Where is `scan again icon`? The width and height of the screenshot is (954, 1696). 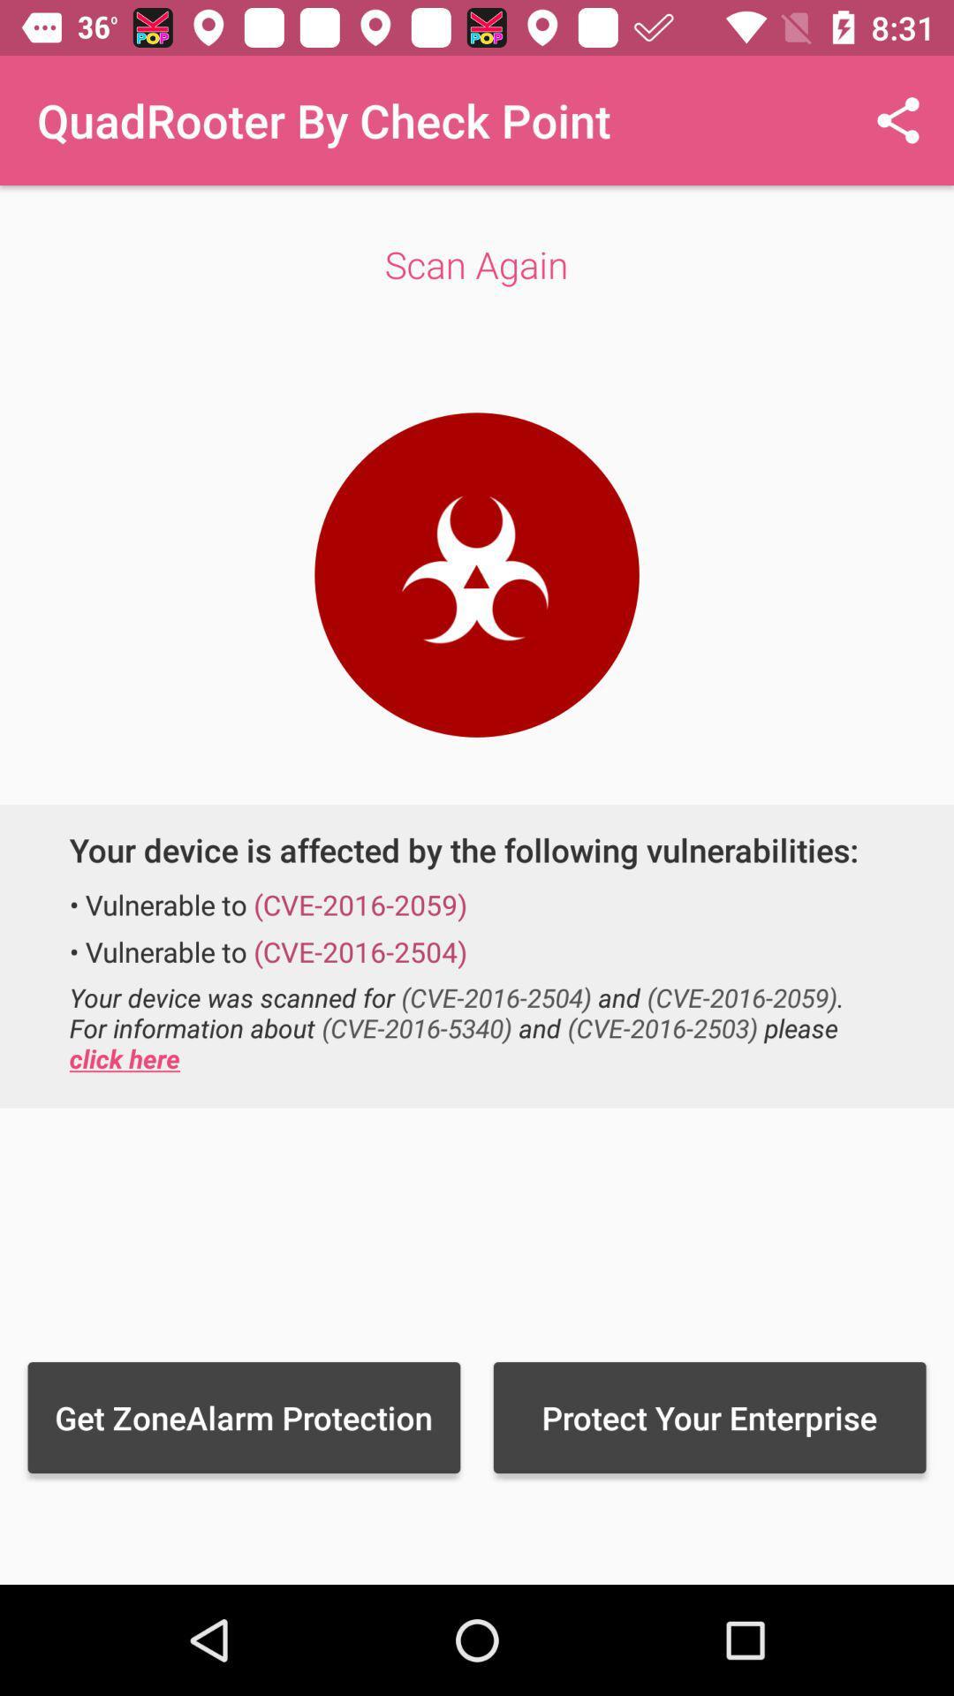 scan again icon is located at coordinates (475, 263).